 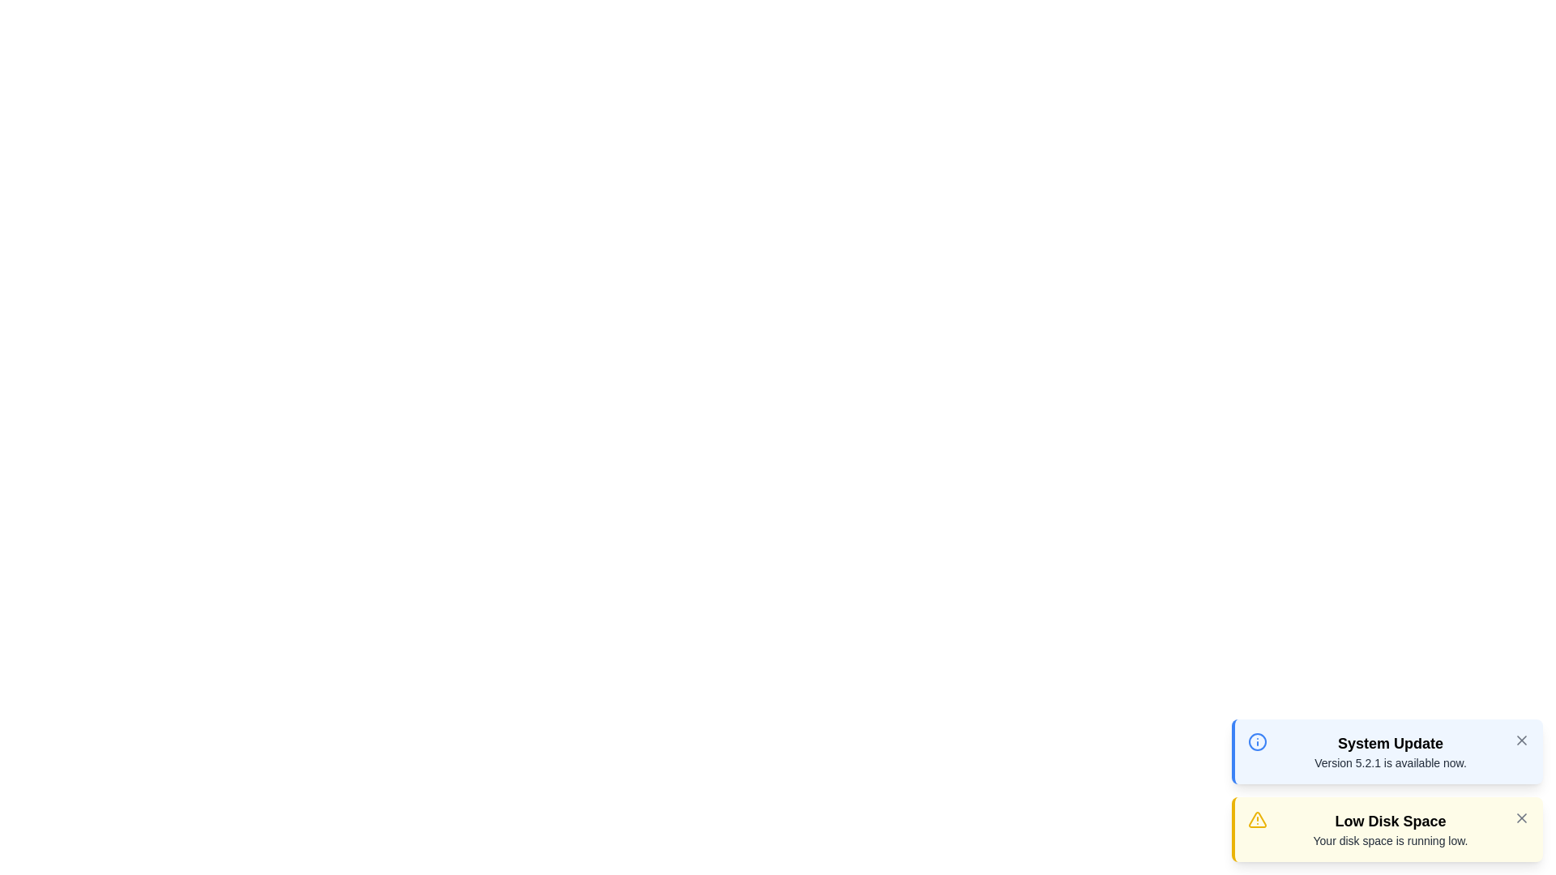 I want to click on the notification panel element Low Disk Space, so click(x=1387, y=829).